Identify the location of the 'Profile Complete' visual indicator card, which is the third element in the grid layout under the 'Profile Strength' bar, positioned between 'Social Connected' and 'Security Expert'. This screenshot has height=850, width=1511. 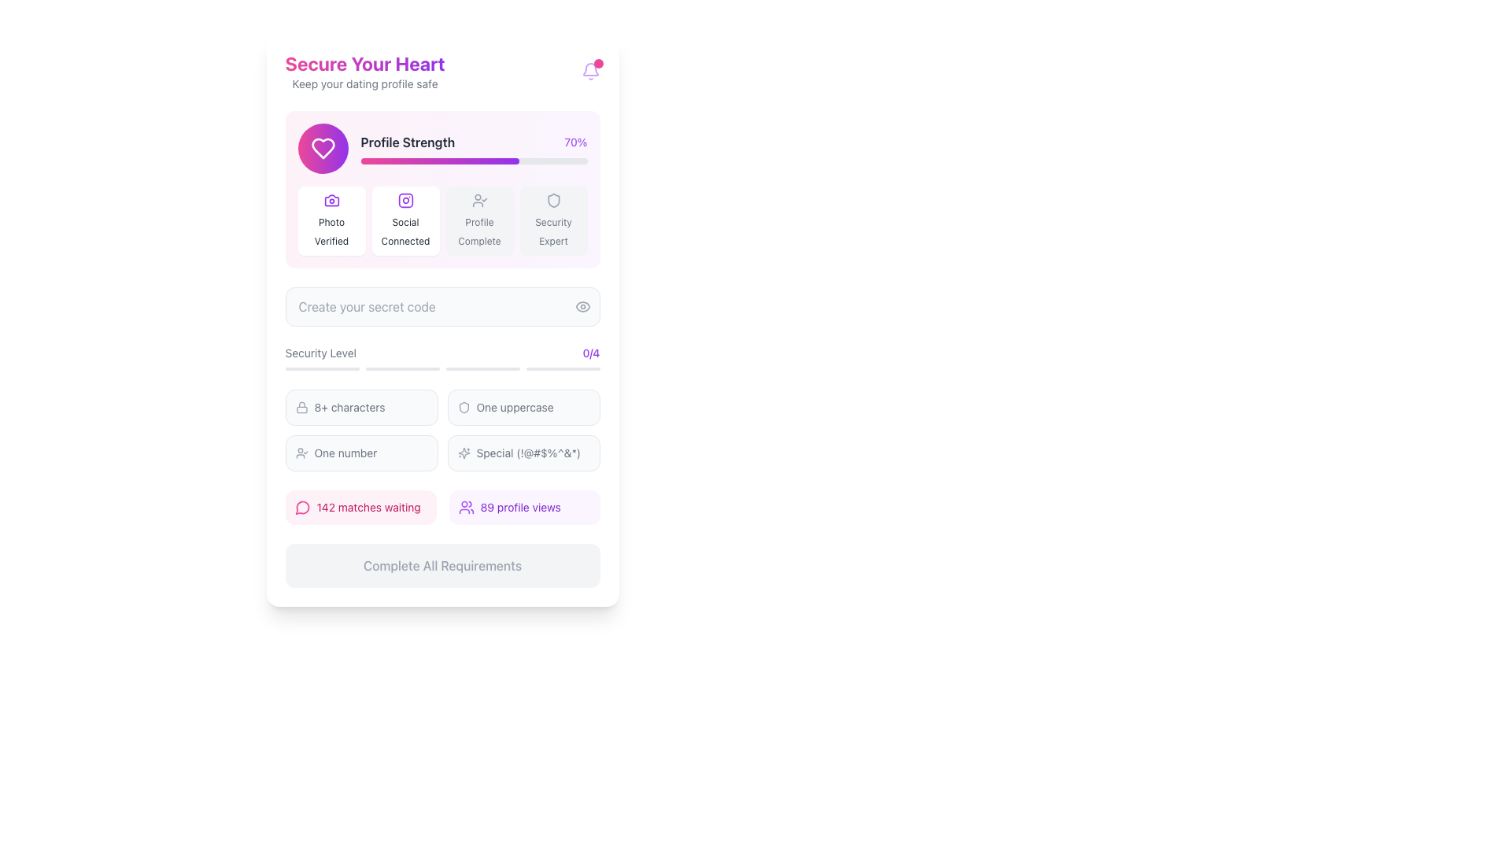
(478, 221).